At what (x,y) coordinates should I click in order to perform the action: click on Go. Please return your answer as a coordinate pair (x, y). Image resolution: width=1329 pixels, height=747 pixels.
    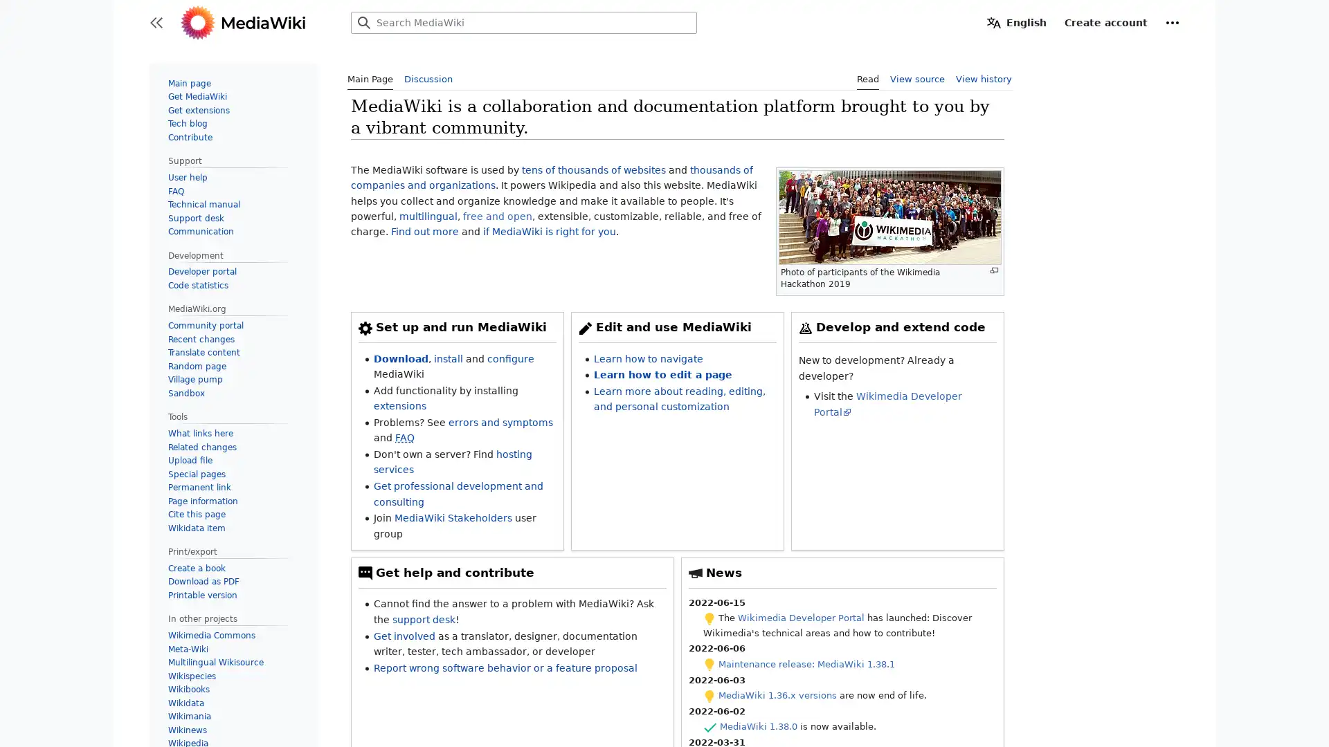
    Looking at the image, I should click on (364, 23).